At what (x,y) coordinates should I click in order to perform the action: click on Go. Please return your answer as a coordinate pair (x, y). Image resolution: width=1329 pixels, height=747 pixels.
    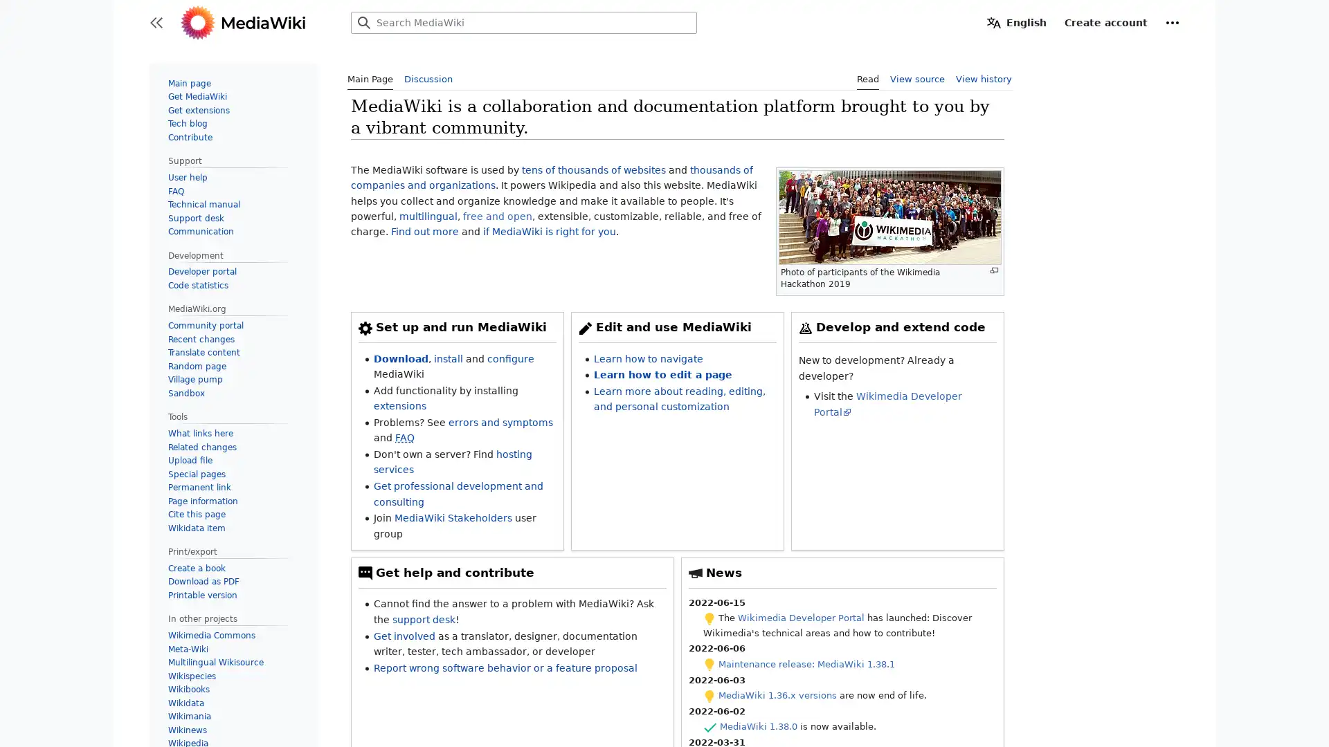
    Looking at the image, I should click on (364, 23).